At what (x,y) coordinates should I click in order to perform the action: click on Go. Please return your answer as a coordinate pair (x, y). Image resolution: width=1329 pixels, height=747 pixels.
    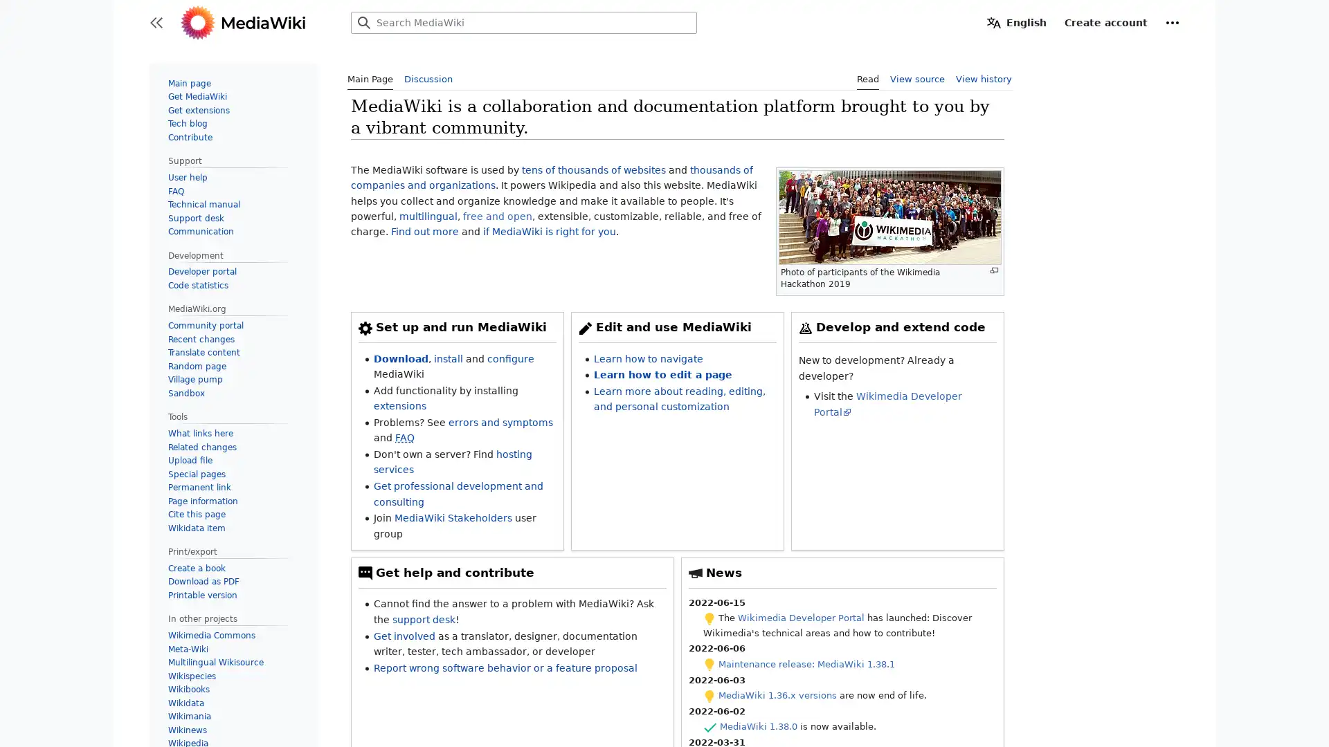
    Looking at the image, I should click on (364, 23).